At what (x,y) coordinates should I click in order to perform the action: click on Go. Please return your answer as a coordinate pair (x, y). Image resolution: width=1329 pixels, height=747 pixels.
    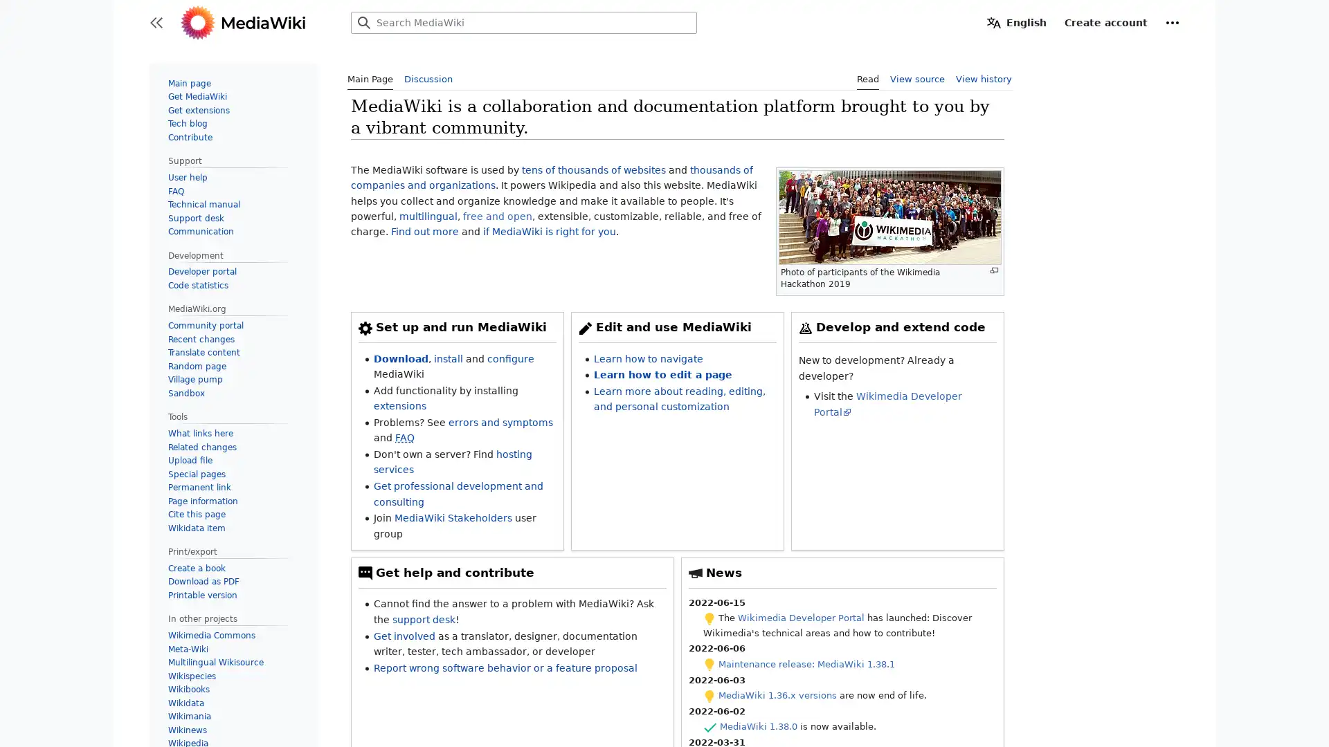
    Looking at the image, I should click on (364, 23).